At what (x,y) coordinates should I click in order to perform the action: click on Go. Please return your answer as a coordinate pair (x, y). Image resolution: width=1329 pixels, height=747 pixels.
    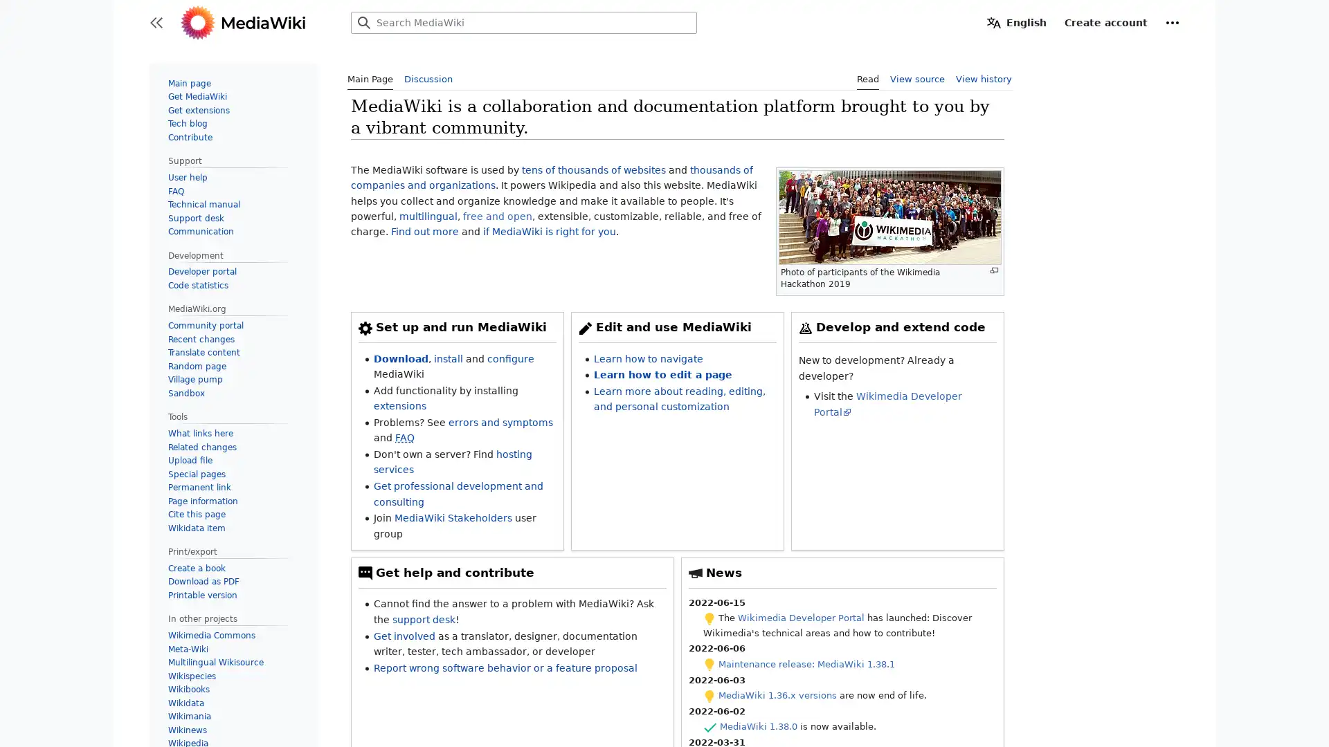
    Looking at the image, I should click on (364, 23).